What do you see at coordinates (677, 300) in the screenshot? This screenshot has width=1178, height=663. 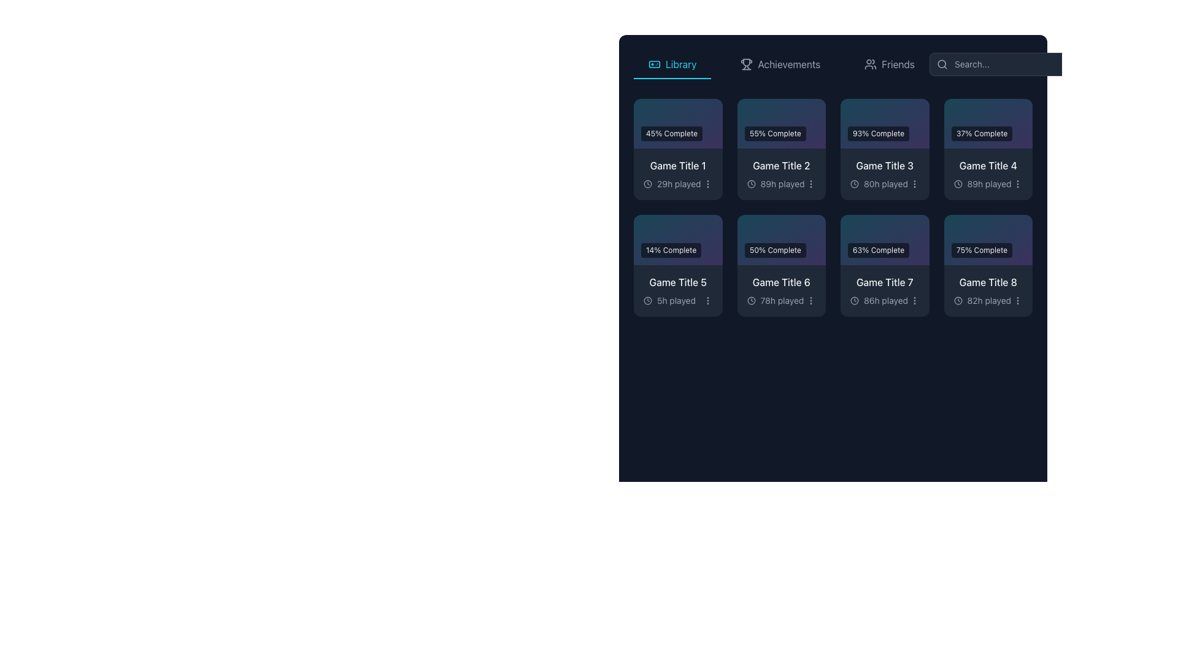 I see `the total playtime displayed in the text label located at the bottom-left corner of the 'Game Title 5' card` at bounding box center [677, 300].